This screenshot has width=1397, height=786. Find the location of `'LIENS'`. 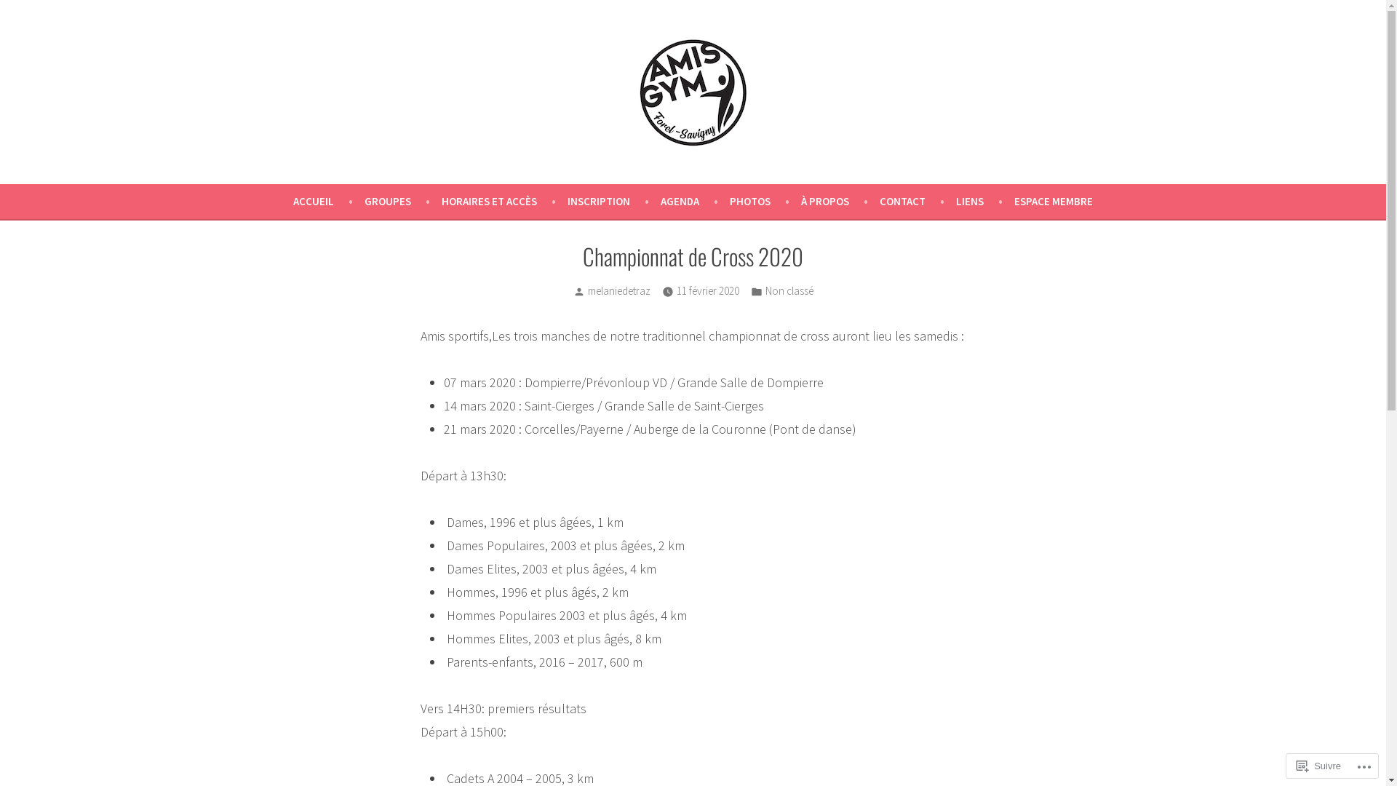

'LIENS' is located at coordinates (956, 202).